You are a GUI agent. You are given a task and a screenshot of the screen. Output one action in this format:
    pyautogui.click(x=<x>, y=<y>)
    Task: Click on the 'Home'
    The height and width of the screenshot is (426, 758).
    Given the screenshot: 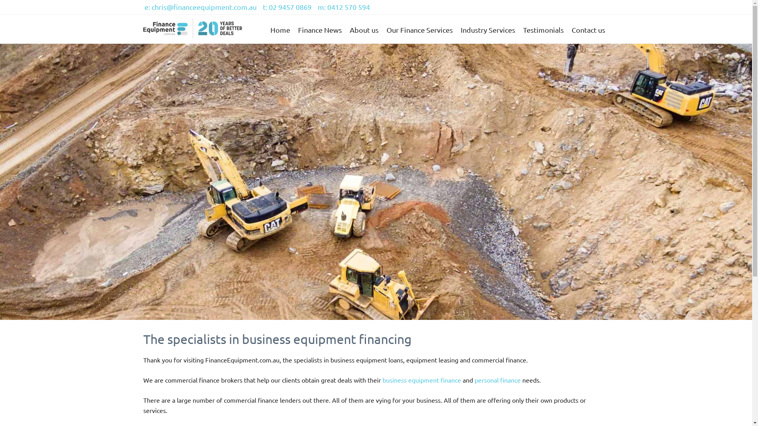 What is the action you would take?
    pyautogui.click(x=280, y=30)
    